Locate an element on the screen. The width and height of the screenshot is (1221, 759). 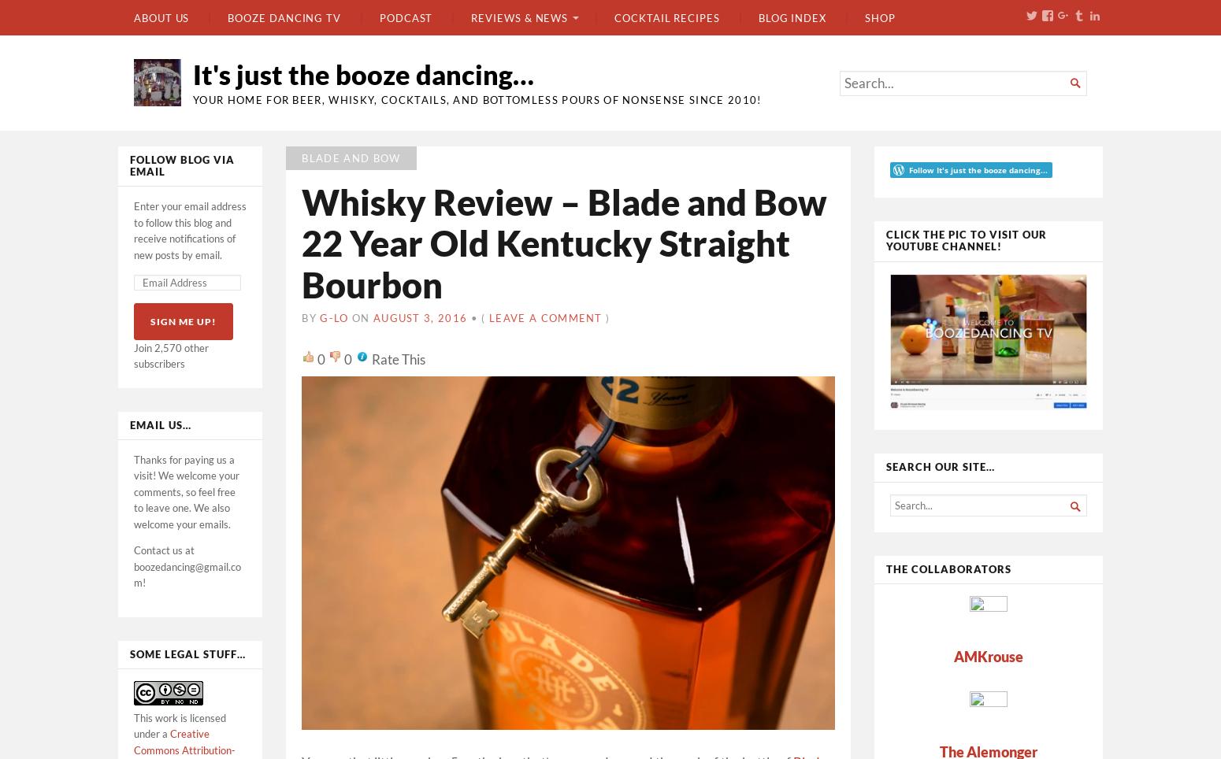
'Search our site…' is located at coordinates (885, 465).